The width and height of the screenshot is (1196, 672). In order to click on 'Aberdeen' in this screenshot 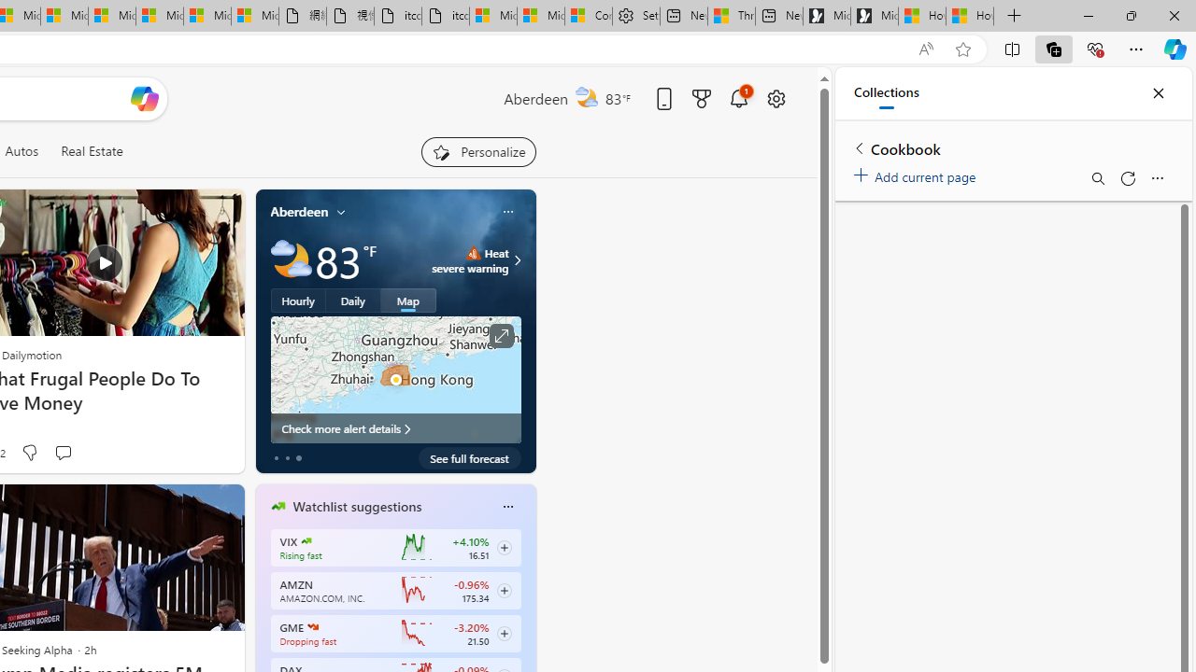, I will do `click(299, 211)`.